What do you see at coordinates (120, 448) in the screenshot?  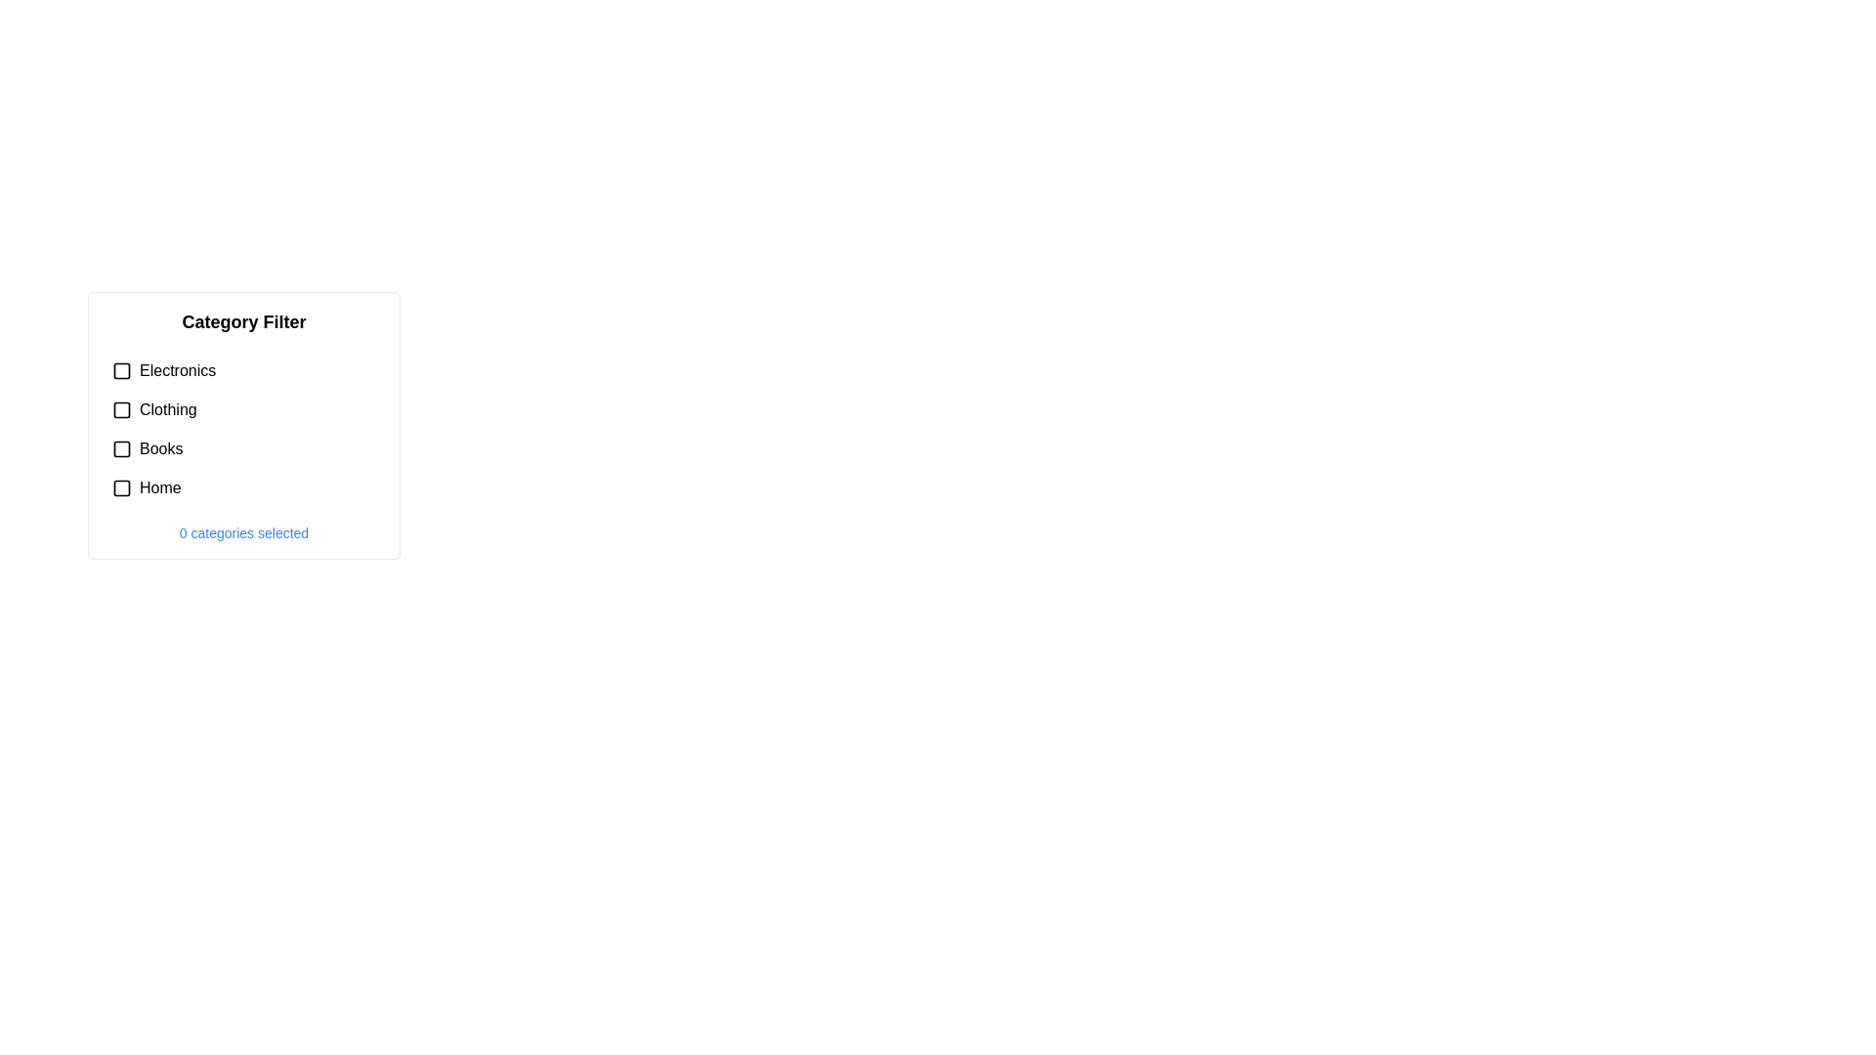 I see `the checkbox for the 'Books' category located in the 'Category Filter' panel to get more information` at bounding box center [120, 448].